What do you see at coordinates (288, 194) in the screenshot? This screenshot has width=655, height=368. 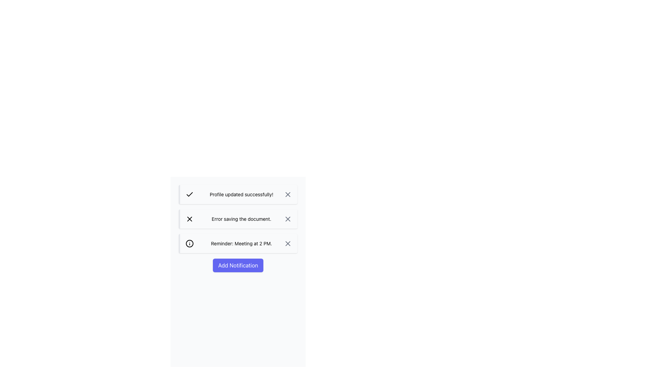 I see `the close button icon located at the far right of the notification that says 'Profile updated successfully!'` at bounding box center [288, 194].